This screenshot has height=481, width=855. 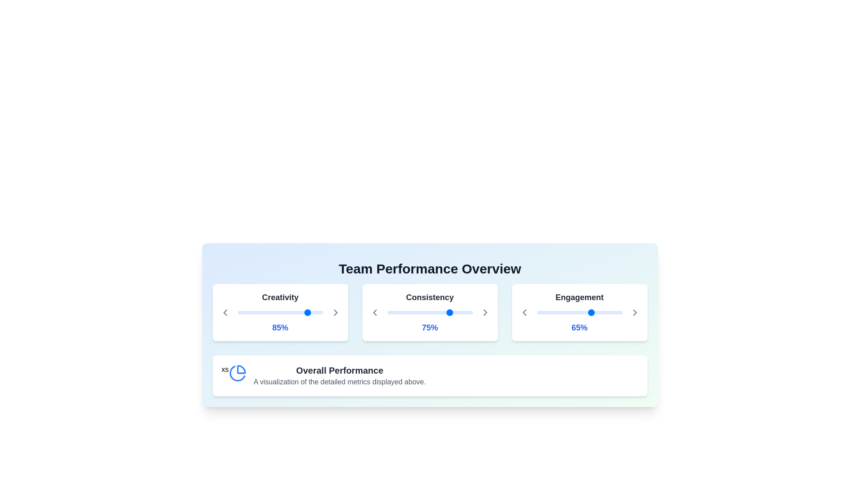 What do you see at coordinates (313, 312) in the screenshot?
I see `the slider value` at bounding box center [313, 312].